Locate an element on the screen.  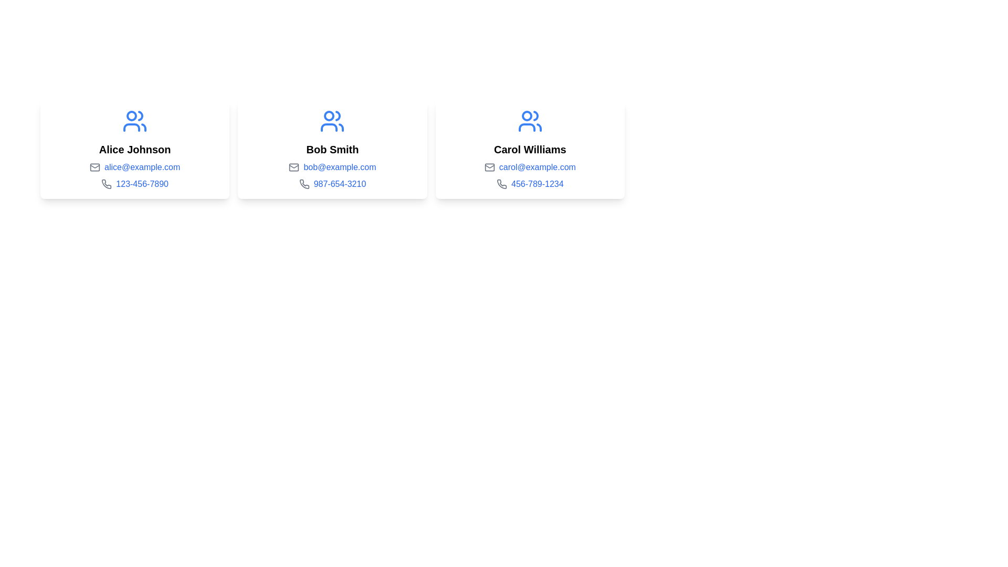
the hyperlink 'carol@example.com' located is located at coordinates (537, 167).